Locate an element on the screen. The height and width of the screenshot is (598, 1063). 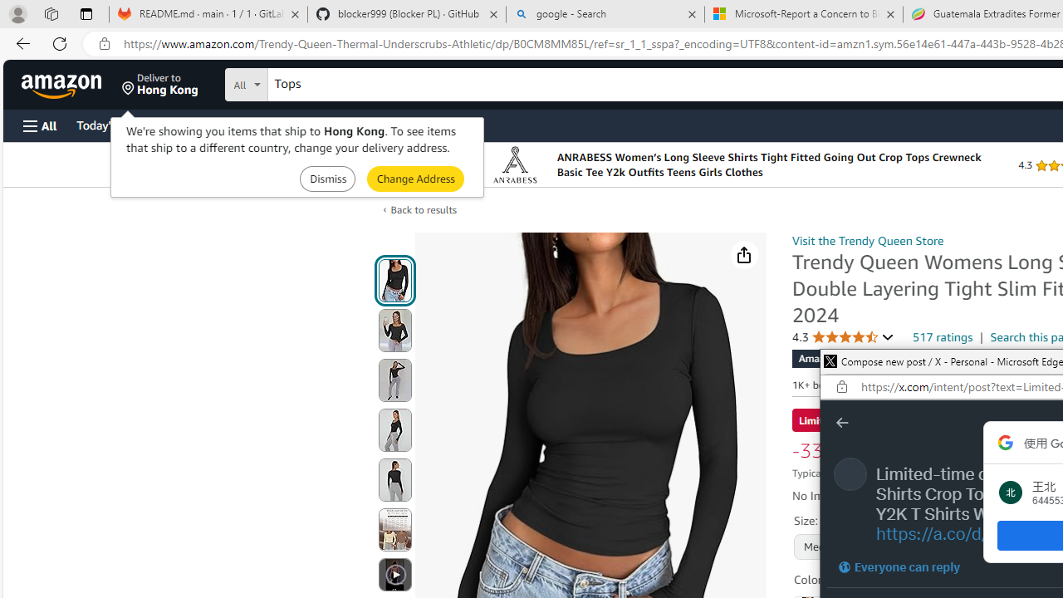
'Skip to main content' is located at coordinates (71, 83).